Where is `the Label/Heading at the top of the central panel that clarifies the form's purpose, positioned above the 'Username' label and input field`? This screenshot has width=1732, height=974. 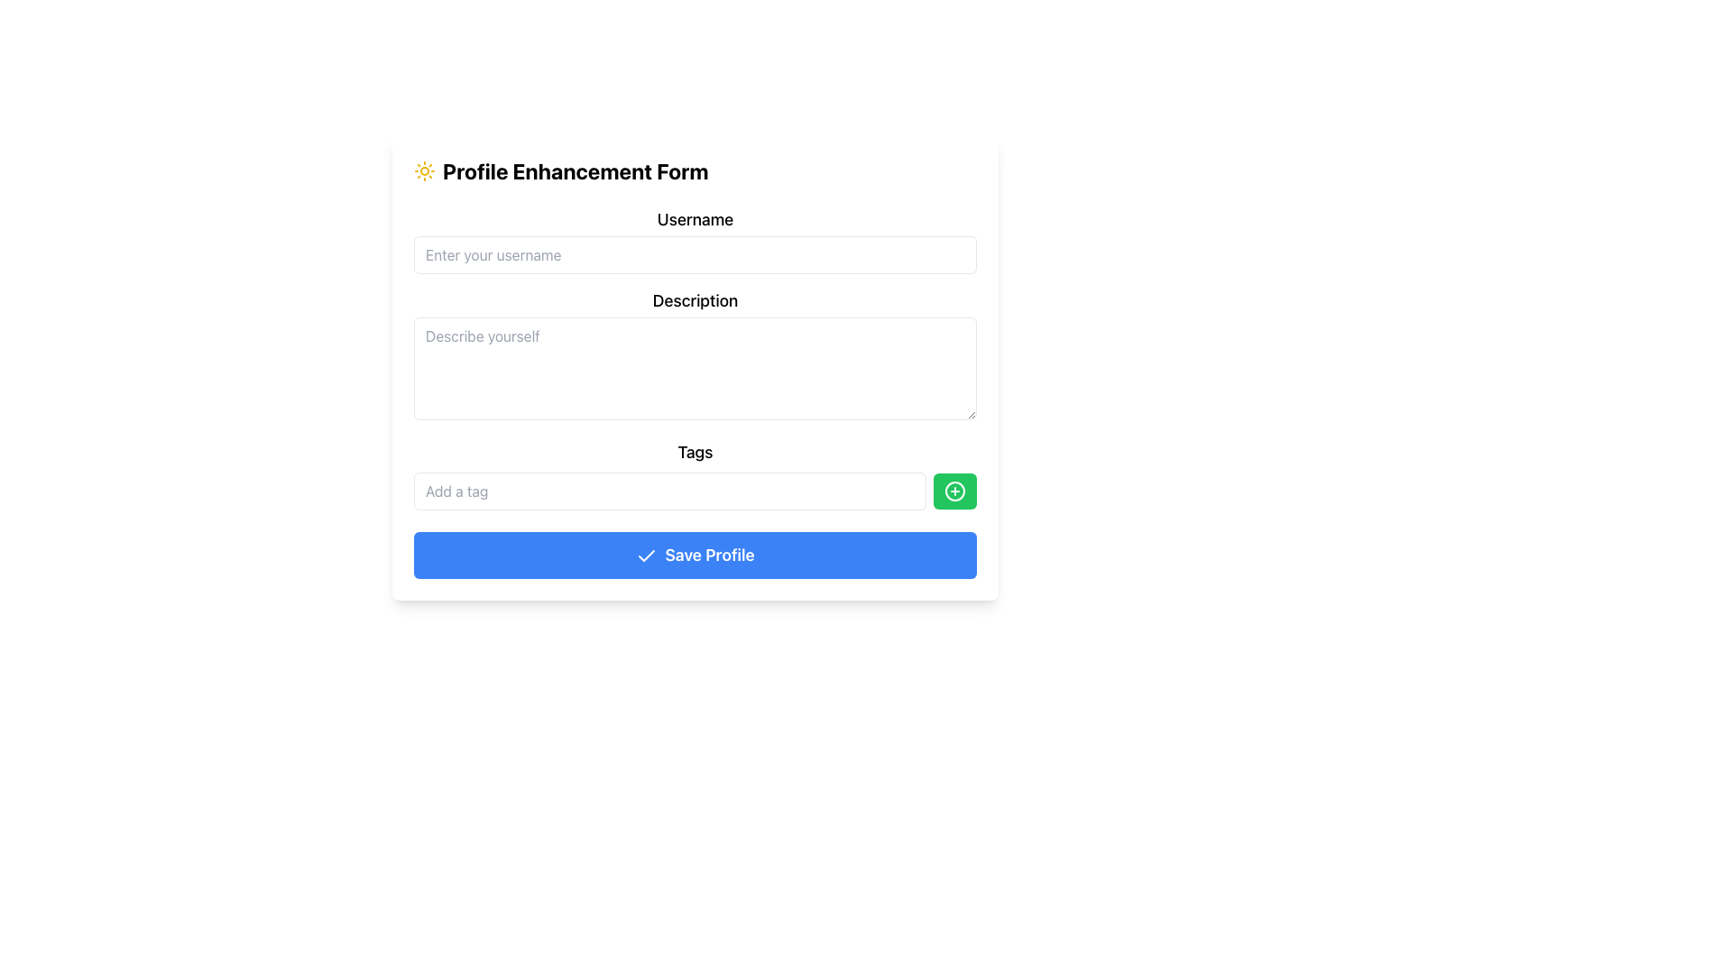
the Label/Heading at the top of the central panel that clarifies the form's purpose, positioned above the 'Username' label and input field is located at coordinates (695, 170).